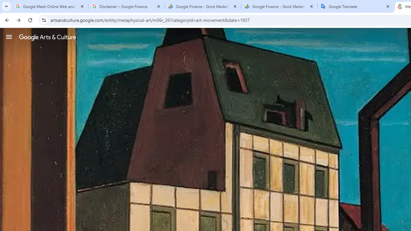 Image resolution: width=411 pixels, height=231 pixels. Describe the element at coordinates (355, 6) in the screenshot. I see `'Google Translate'` at that location.